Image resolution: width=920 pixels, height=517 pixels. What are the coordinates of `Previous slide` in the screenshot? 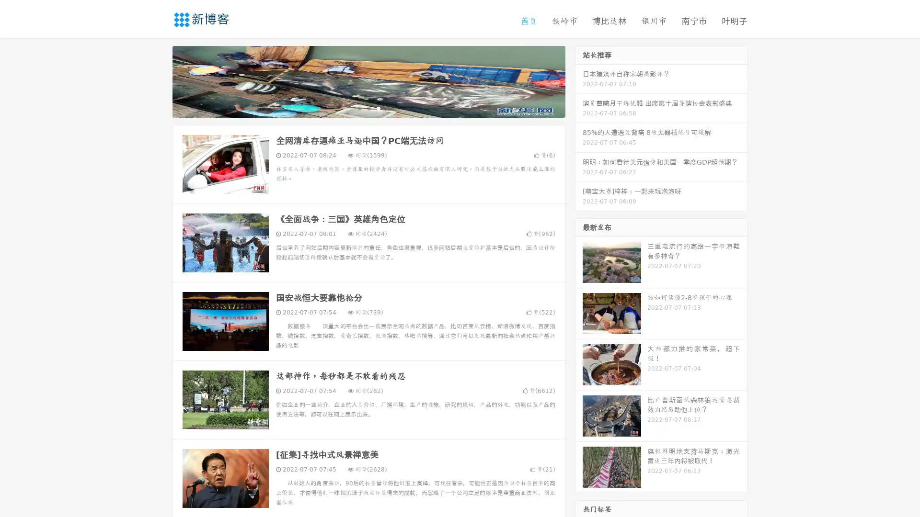 It's located at (158, 80).